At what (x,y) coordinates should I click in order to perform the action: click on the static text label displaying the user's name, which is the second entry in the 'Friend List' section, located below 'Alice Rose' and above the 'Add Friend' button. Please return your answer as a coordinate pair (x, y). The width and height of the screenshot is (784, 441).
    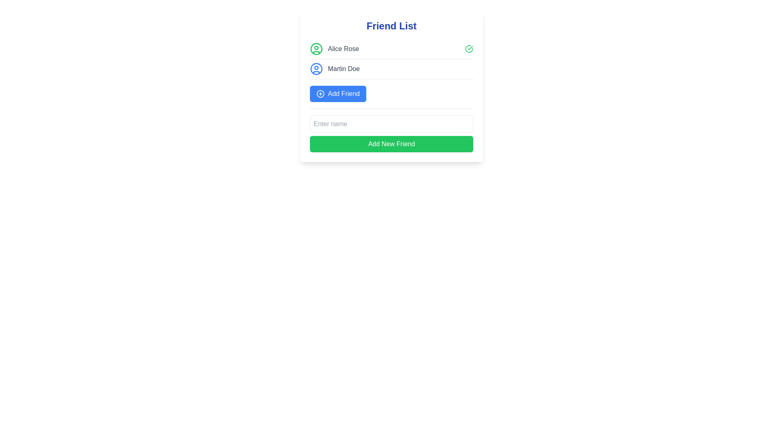
    Looking at the image, I should click on (344, 69).